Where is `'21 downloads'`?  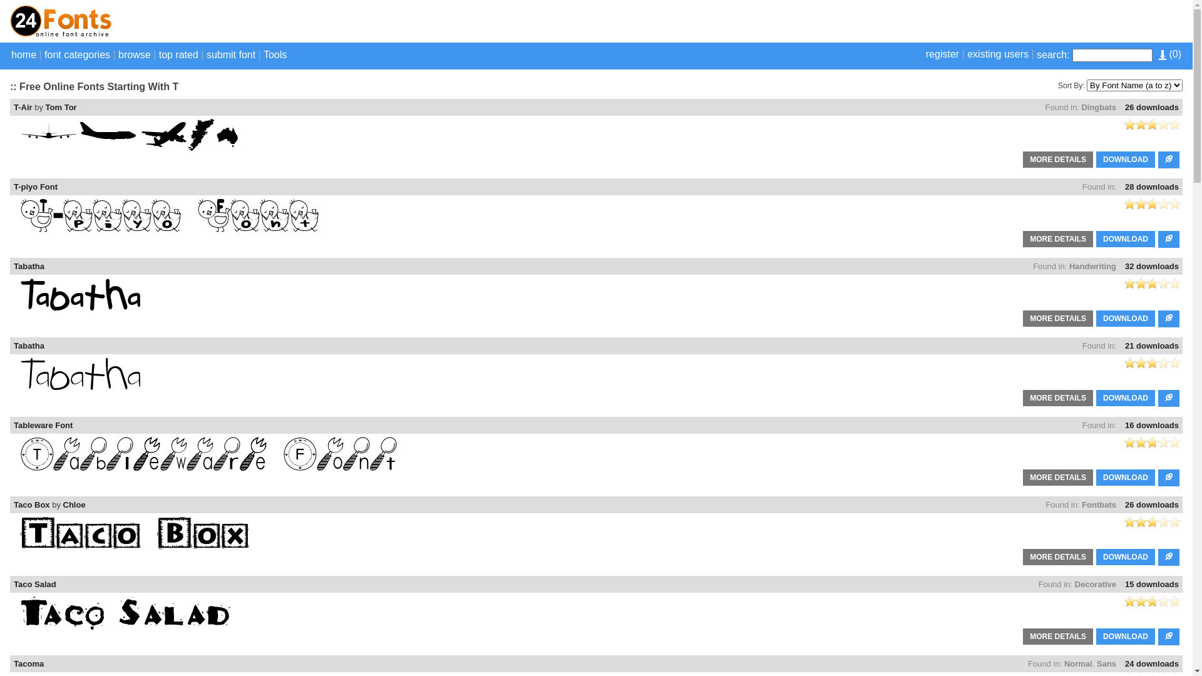 '21 downloads' is located at coordinates (1151, 346).